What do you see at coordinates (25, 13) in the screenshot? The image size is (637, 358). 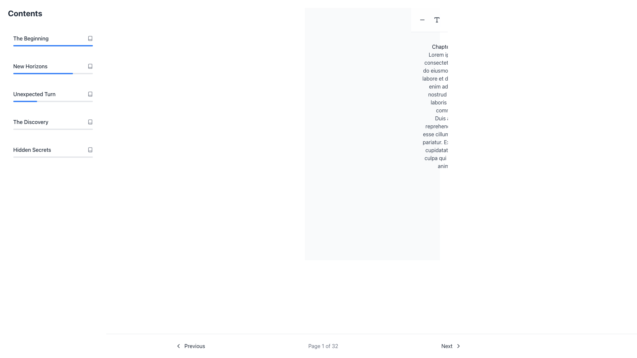 I see `the text label displaying 'Contents' in bold and large dark gray font, which is prominently positioned at the top-left of the interface` at bounding box center [25, 13].